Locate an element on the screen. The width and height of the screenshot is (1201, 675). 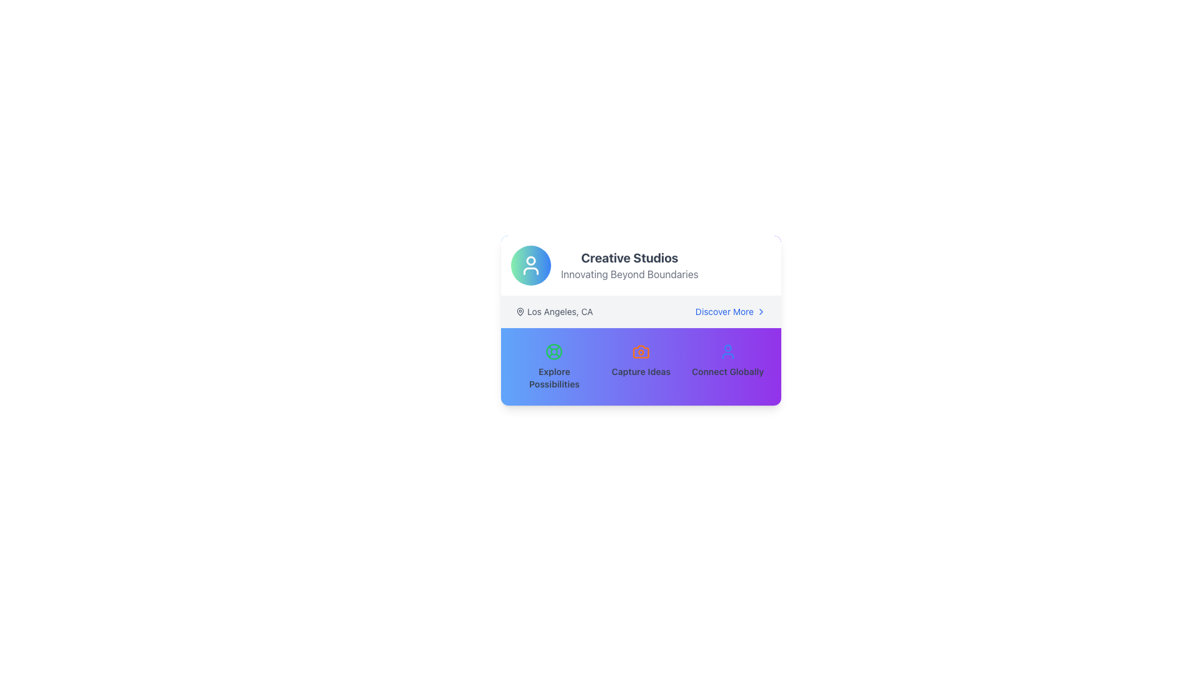
the SVG circle that represents the outermost layer of the life-buoy icon in the 'Explore Possibilities' section located in the bottom-left corner of the interface is located at coordinates (554, 352).